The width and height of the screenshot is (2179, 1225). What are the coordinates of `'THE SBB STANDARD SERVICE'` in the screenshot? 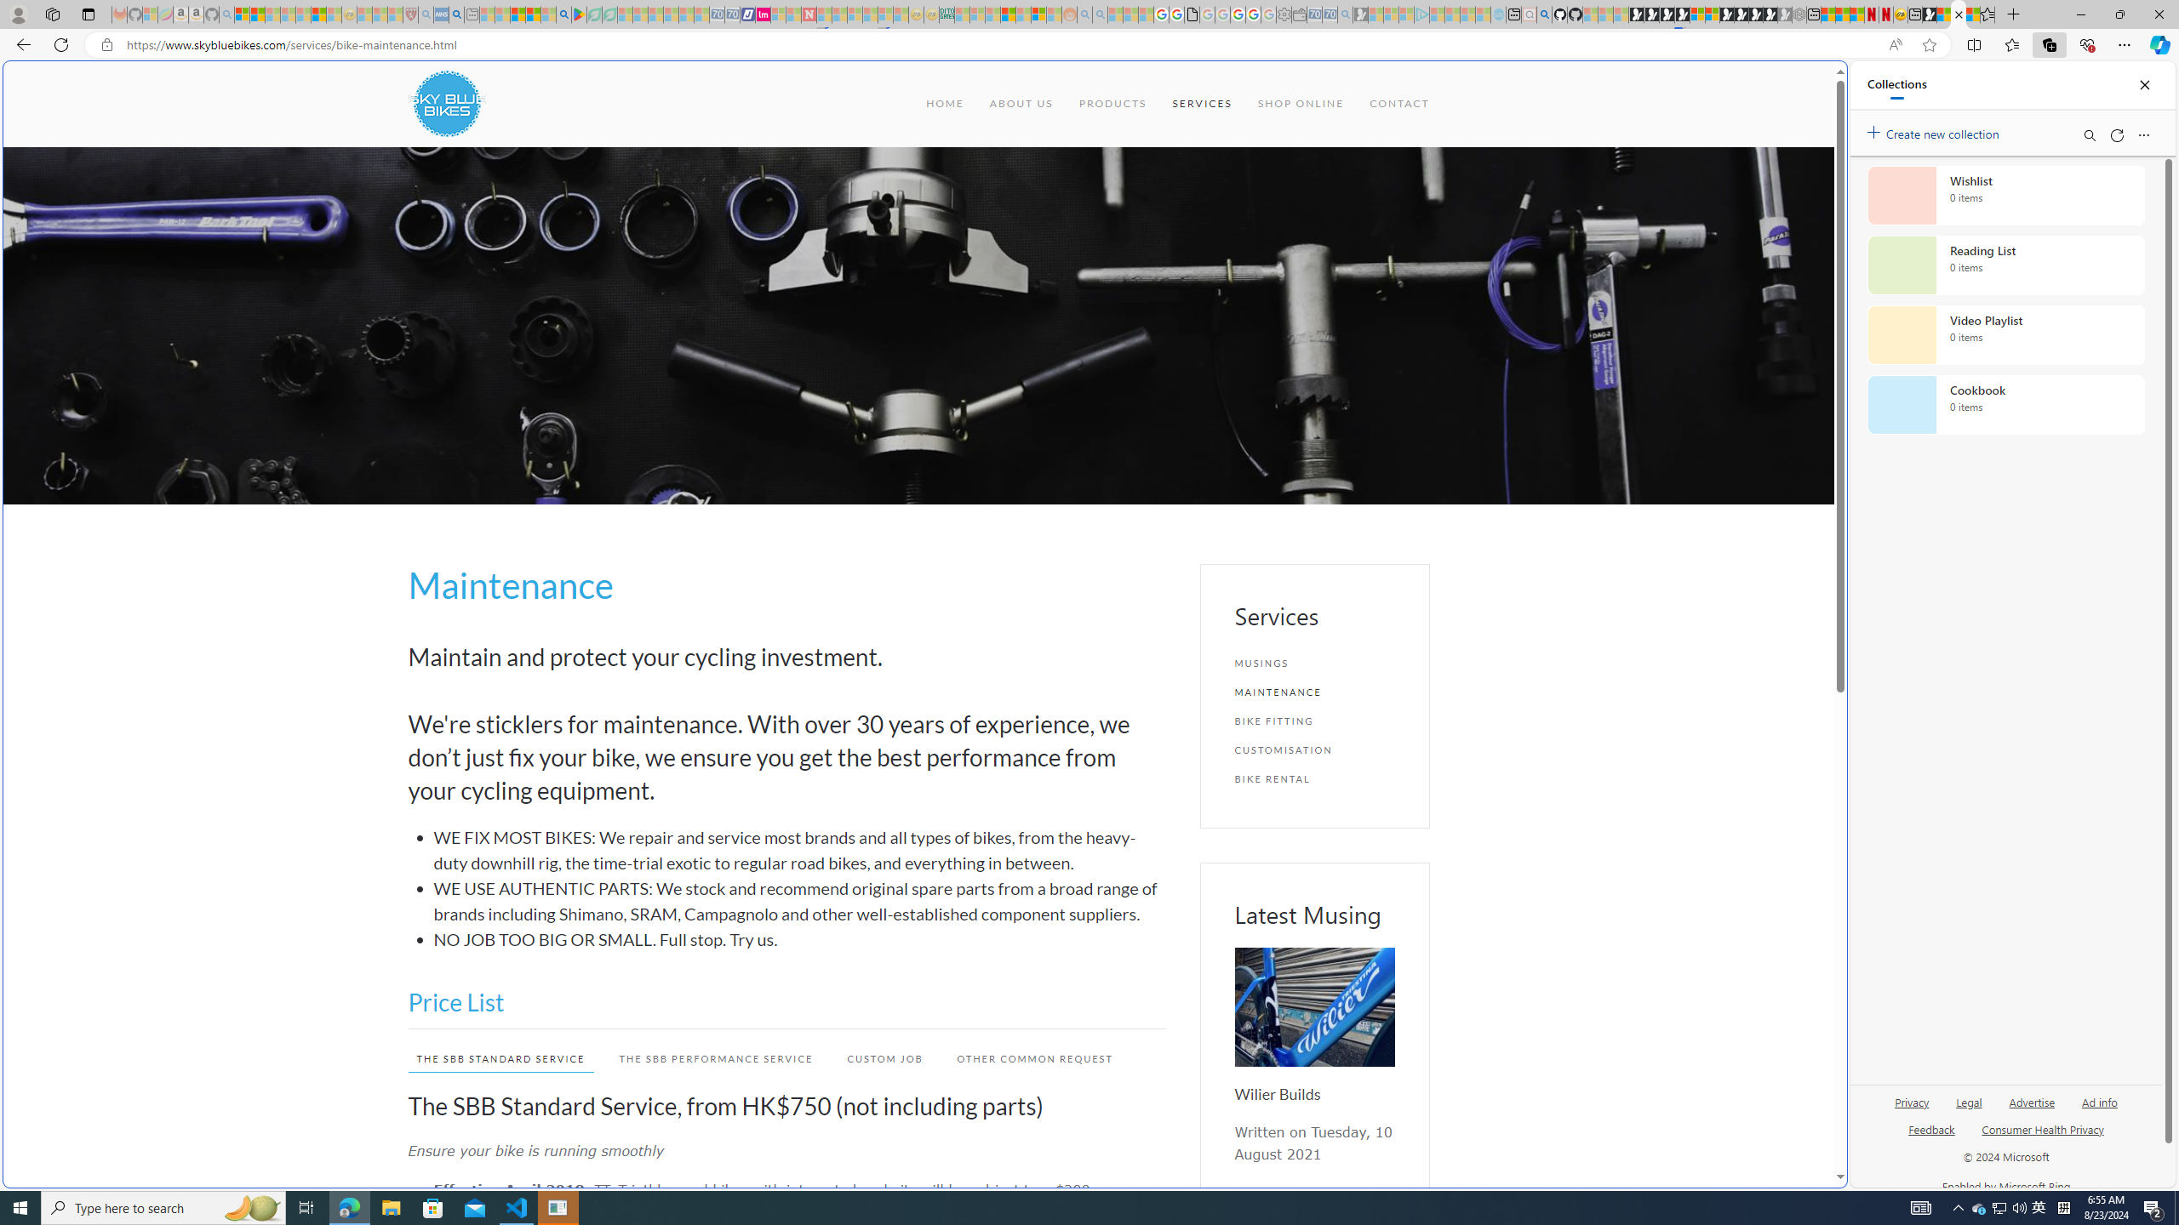 It's located at (492, 1058).